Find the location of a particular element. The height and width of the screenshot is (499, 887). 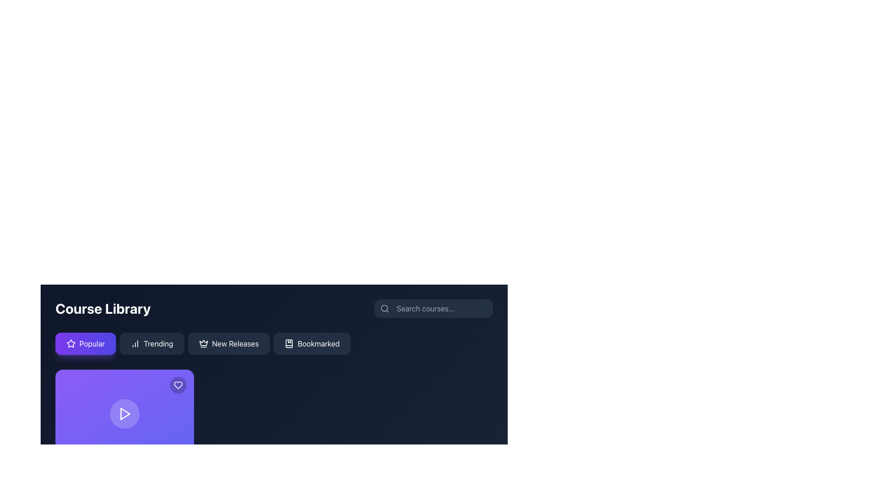

the magnifying glass SVG icon located inside the search input field on the top-right side of the interface is located at coordinates (385, 308).